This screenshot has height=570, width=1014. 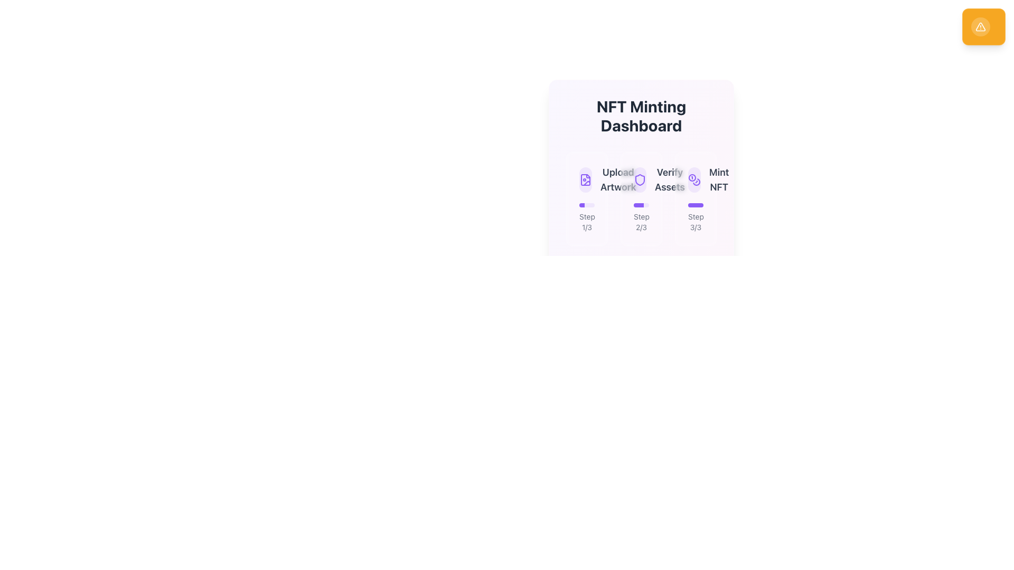 What do you see at coordinates (980, 26) in the screenshot?
I see `the triangle icon within the yellow circular button located at the top-right corner of the interface` at bounding box center [980, 26].